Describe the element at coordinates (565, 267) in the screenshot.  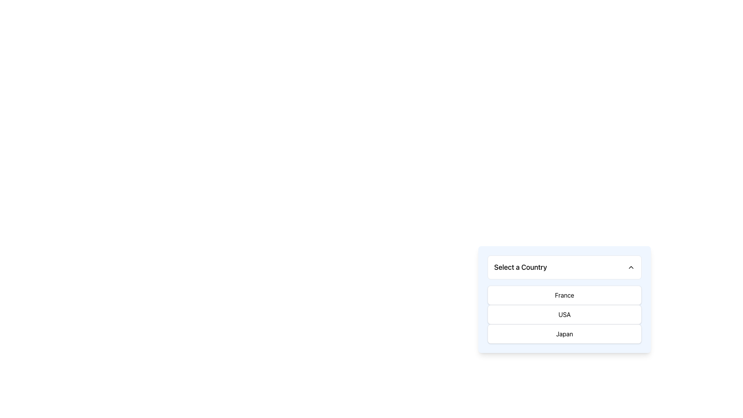
I see `the dropdown selector for choosing a country` at that location.